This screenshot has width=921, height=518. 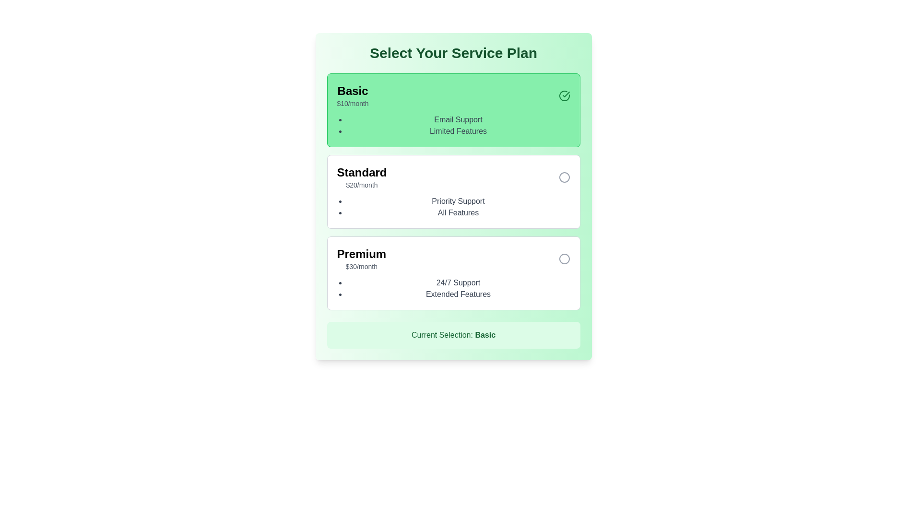 What do you see at coordinates (458, 201) in the screenshot?
I see `the Text label that conveys information about the 'Priority Support' feature of the 'Standard' service plan, located in the second column as the first item in a bulleted list` at bounding box center [458, 201].